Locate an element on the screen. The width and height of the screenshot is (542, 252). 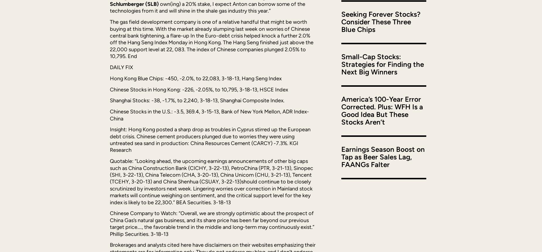
'Earnings Season Boost on Tap as Beer Sales Lag, FAANGs Falter' is located at coordinates (341, 156).